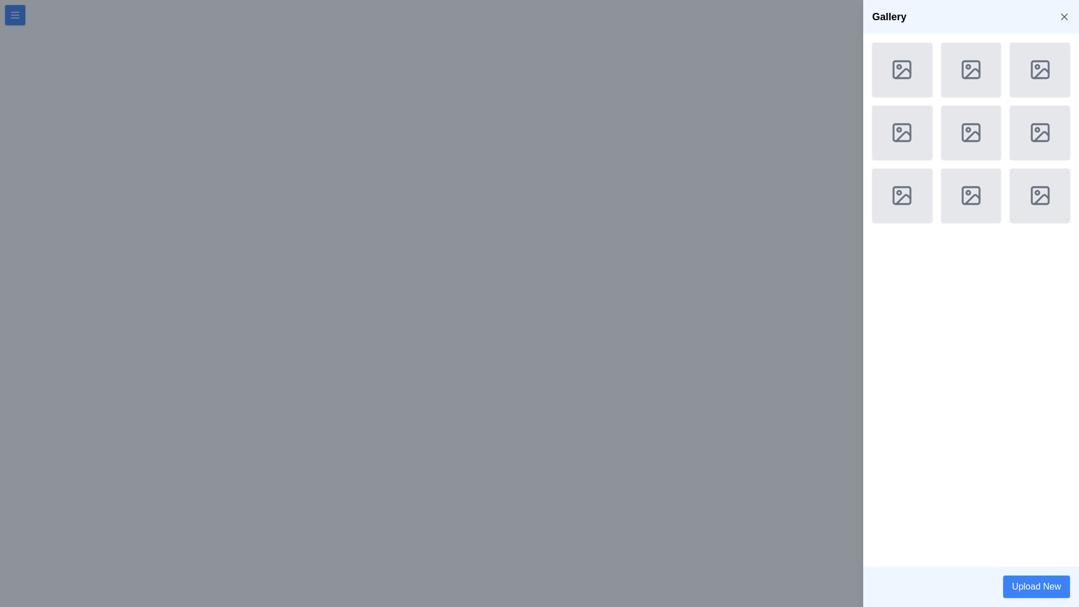  I want to click on the small rectangle with rounded corners and a lighter gray outline, which is positioned near the top-left corner of the picture frame icon, so click(1039, 194).